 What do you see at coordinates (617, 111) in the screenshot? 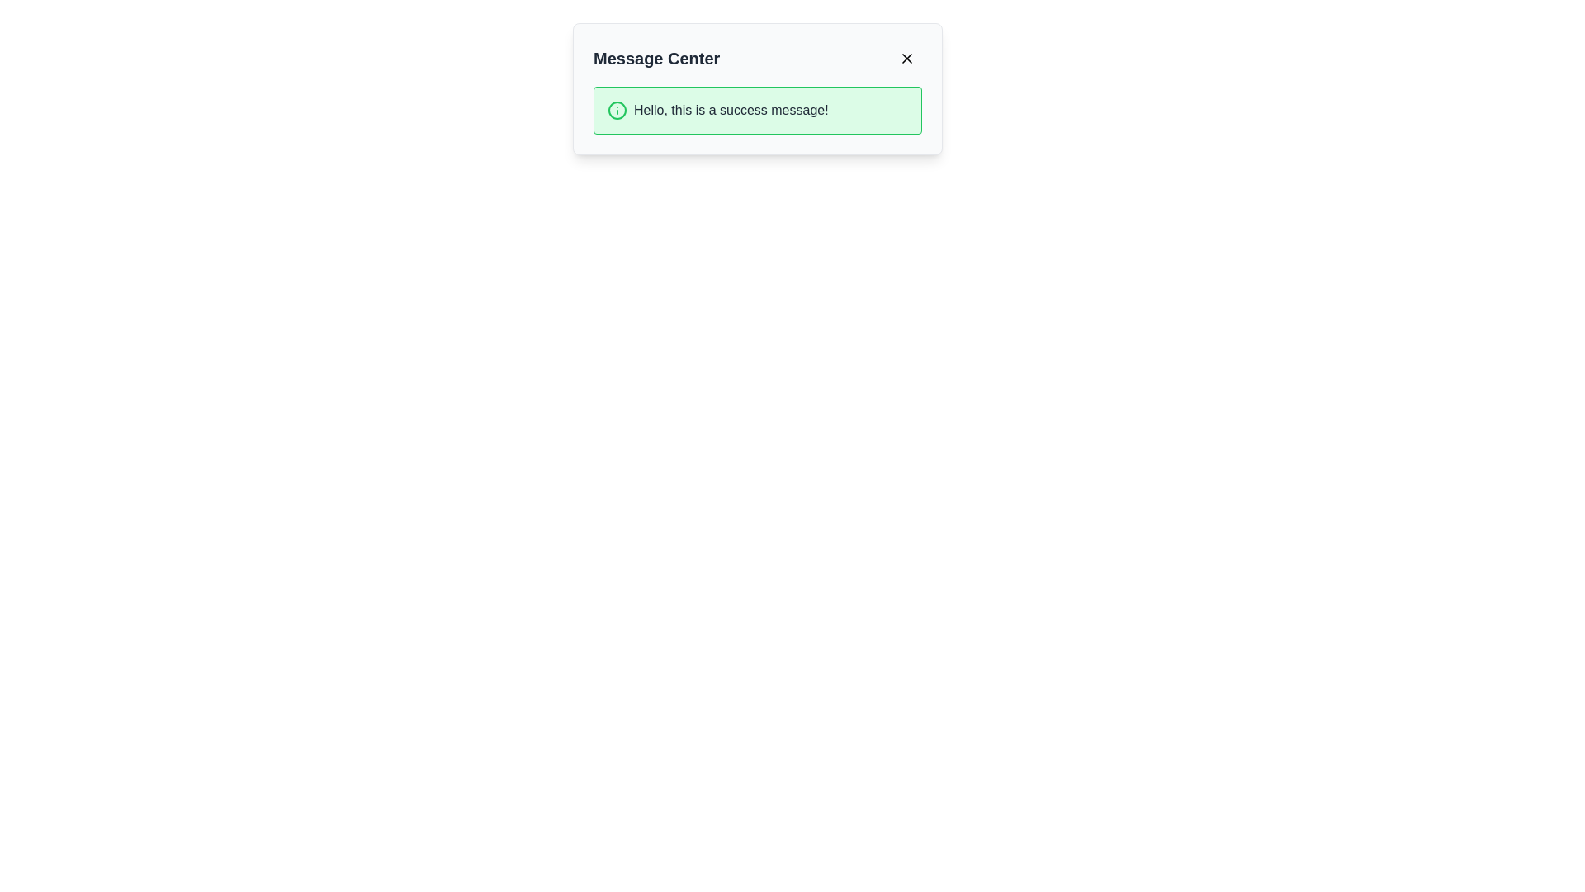
I see `the green-bordered circular element in the notification box that is adjacent to the text 'Hello, this is a success message!'` at bounding box center [617, 111].